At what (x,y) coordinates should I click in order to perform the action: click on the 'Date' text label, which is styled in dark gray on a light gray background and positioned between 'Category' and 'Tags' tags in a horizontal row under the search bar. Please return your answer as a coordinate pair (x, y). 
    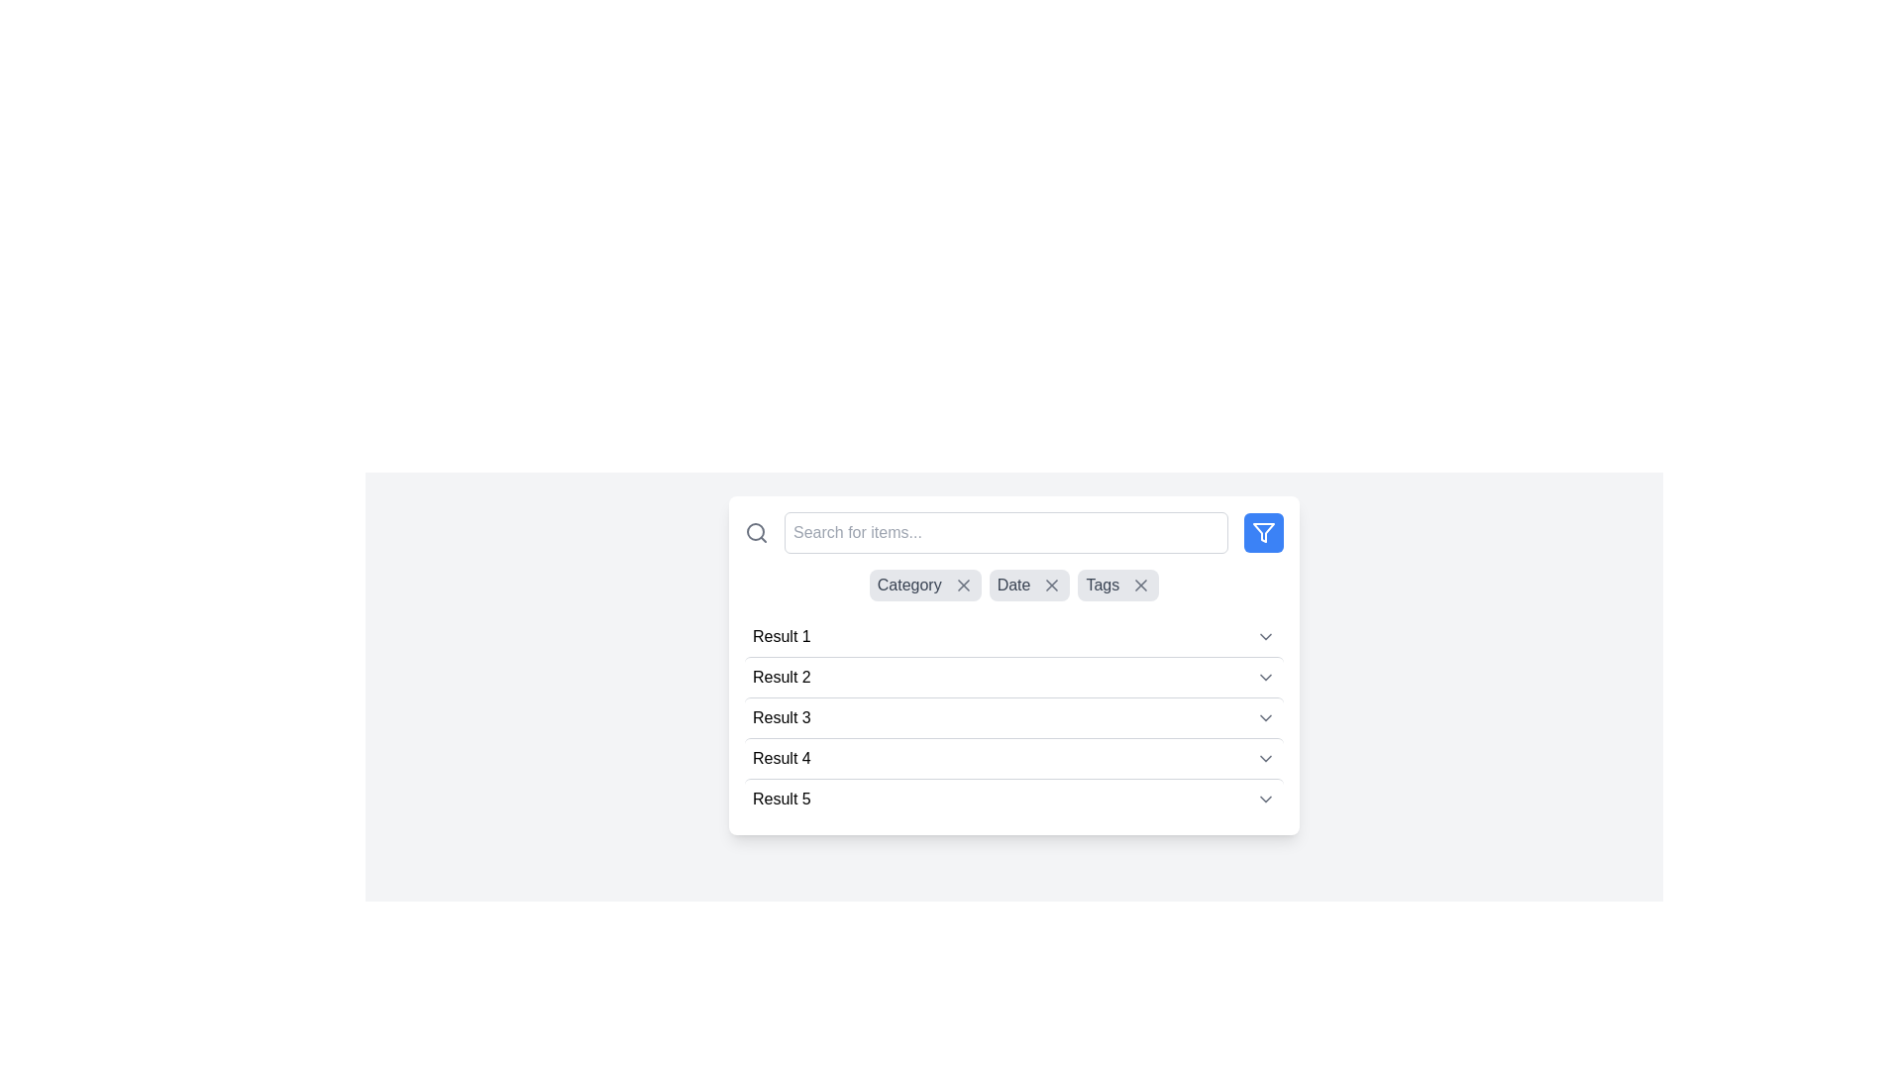
    Looking at the image, I should click on (1013, 584).